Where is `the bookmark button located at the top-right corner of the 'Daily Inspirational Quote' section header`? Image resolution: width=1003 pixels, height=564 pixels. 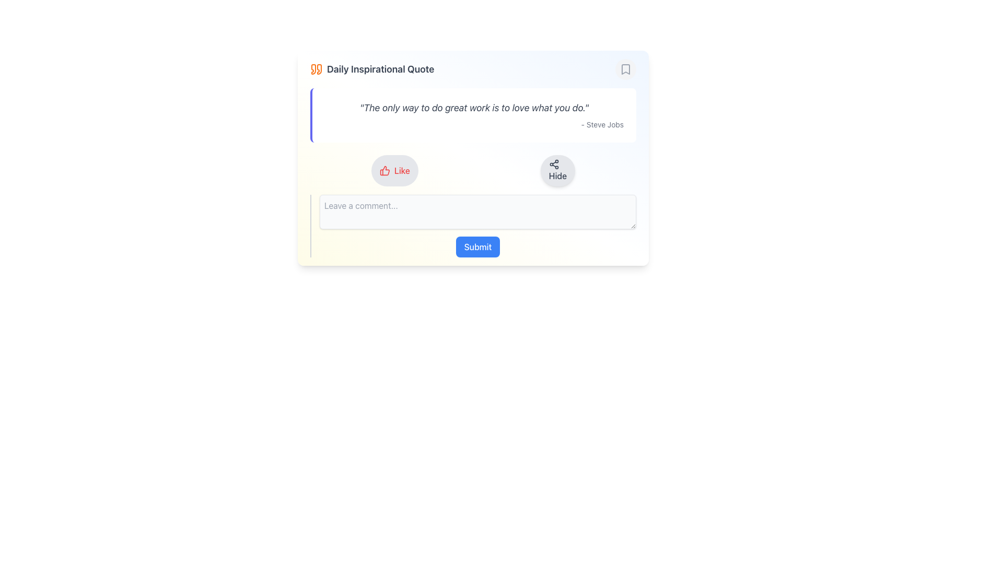 the bookmark button located at the top-right corner of the 'Daily Inspirational Quote' section header is located at coordinates (626, 69).